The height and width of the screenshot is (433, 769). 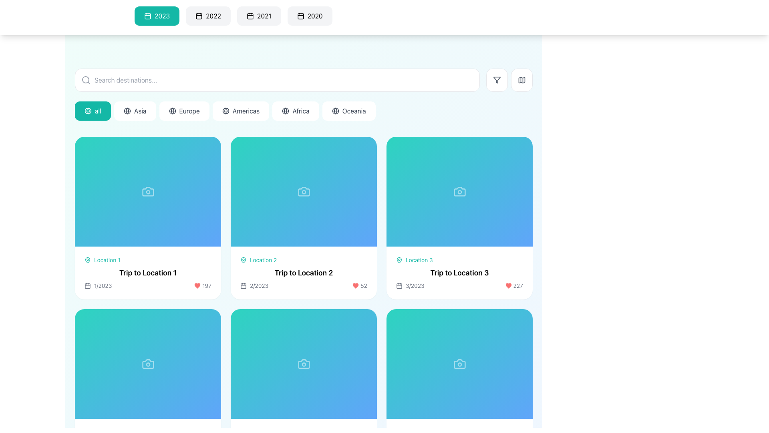 What do you see at coordinates (197, 285) in the screenshot?
I see `the SVG Icon indicating the 'favorite' or 'like' status for the 'Trip to Location 2' card, located in the bottom-right corner adjacent to the red numerical data` at bounding box center [197, 285].